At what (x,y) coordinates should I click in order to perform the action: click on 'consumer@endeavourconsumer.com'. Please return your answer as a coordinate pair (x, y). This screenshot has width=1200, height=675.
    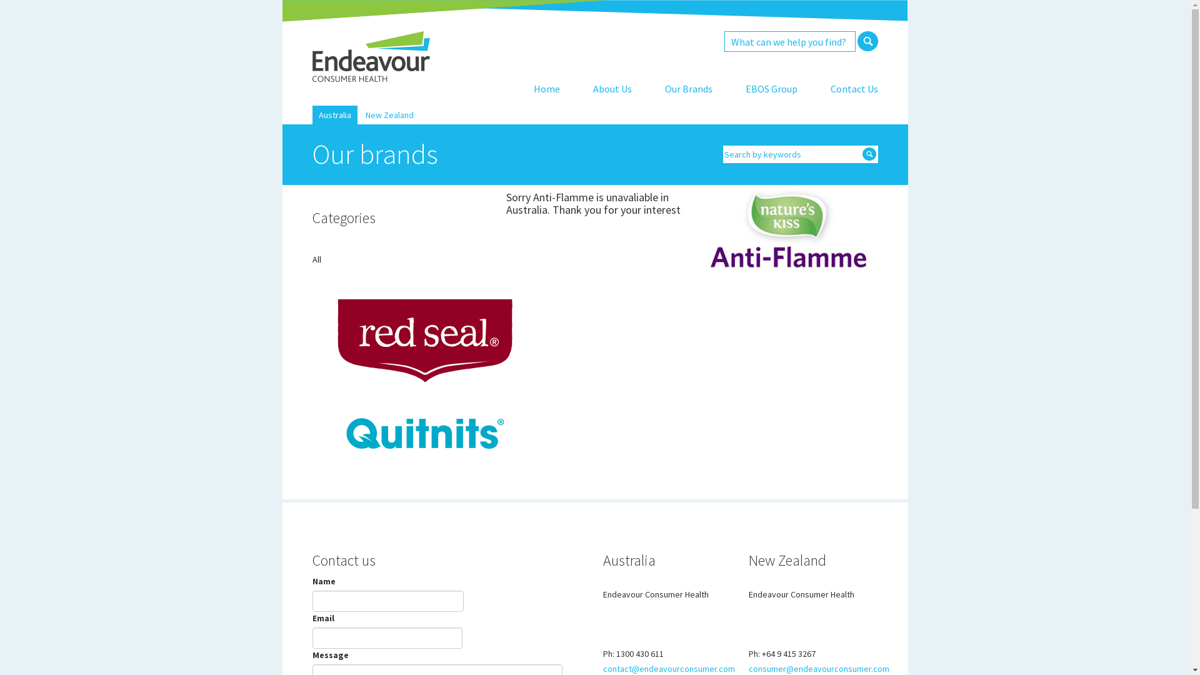
    Looking at the image, I should click on (749, 667).